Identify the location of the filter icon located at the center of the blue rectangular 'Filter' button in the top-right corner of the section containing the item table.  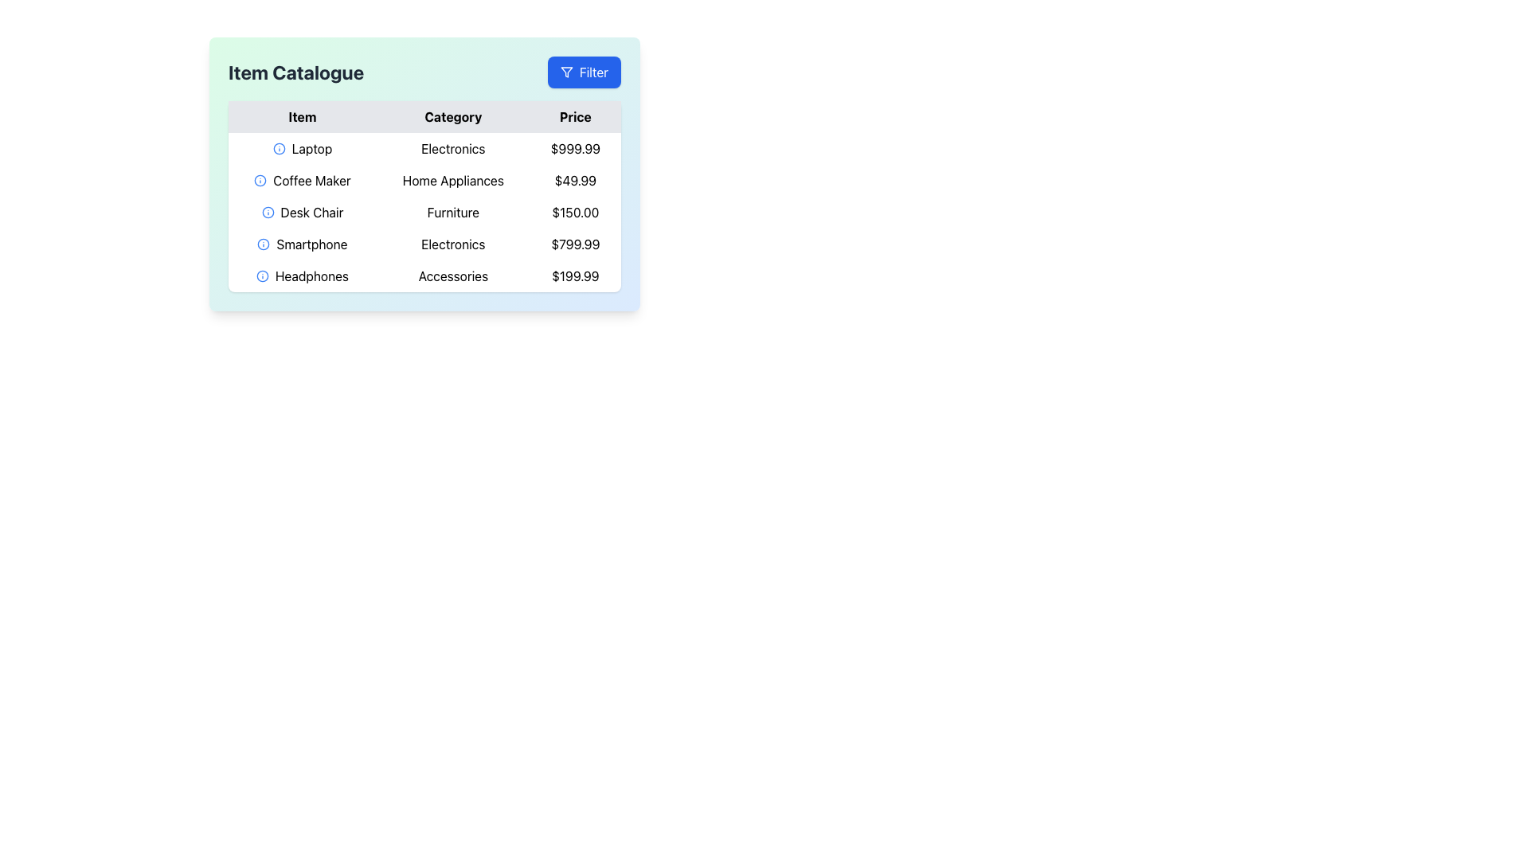
(566, 72).